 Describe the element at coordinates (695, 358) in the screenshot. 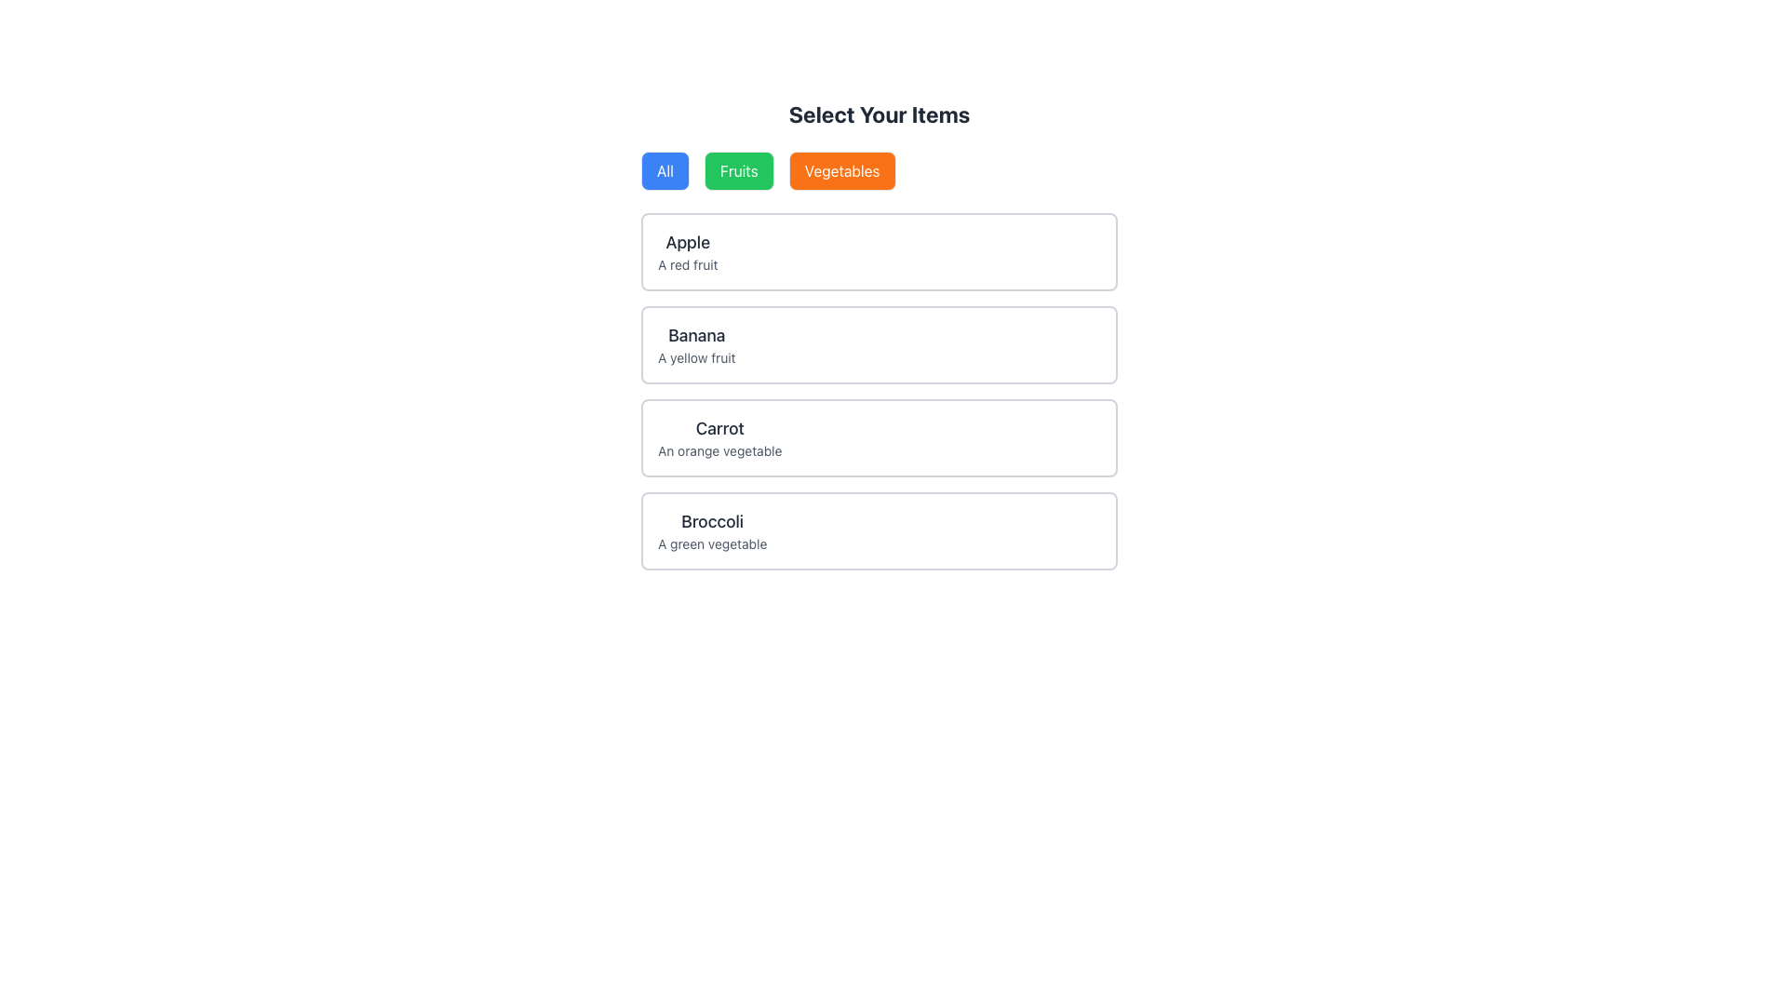

I see `text content of the descriptive subtitle label located below the larger text 'Banana' in the item group under 'Select Your Items'` at that location.